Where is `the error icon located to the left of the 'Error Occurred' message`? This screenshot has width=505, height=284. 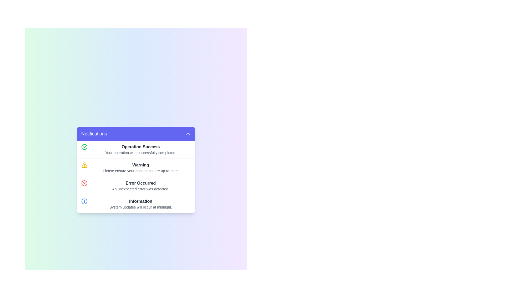 the error icon located to the left of the 'Error Occurred' message is located at coordinates (84, 183).